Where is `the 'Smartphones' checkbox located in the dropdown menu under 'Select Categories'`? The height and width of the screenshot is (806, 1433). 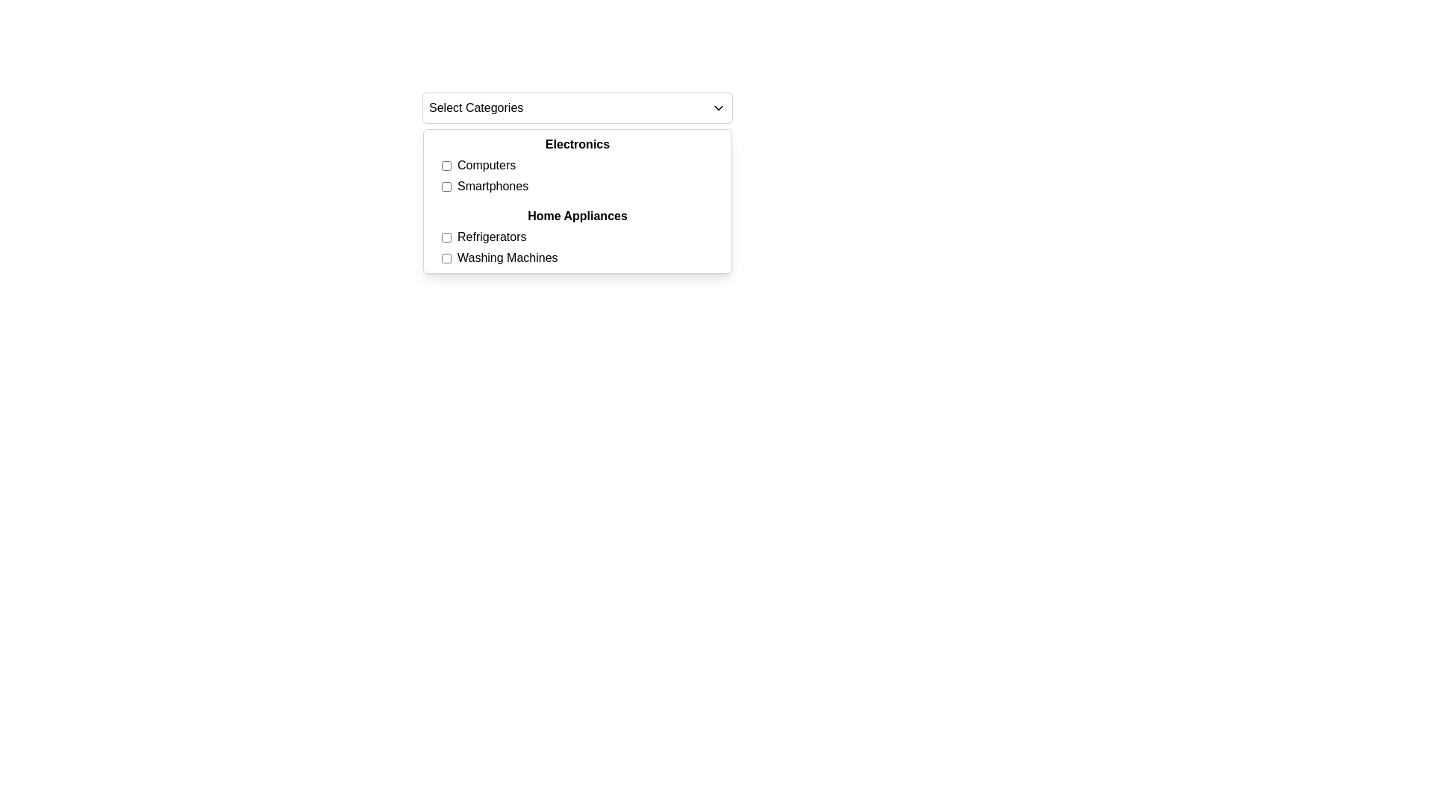 the 'Smartphones' checkbox located in the dropdown menu under 'Select Categories' is located at coordinates (446, 186).